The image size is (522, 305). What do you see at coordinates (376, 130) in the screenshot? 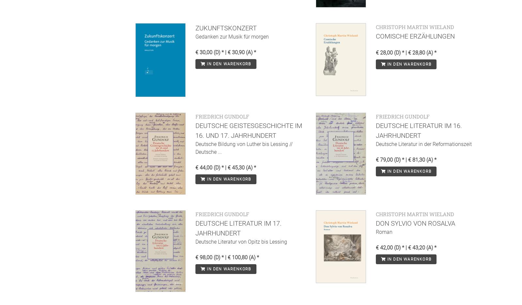
I see `'Deutsche Literatur im 16. Jahrhundert'` at bounding box center [376, 130].